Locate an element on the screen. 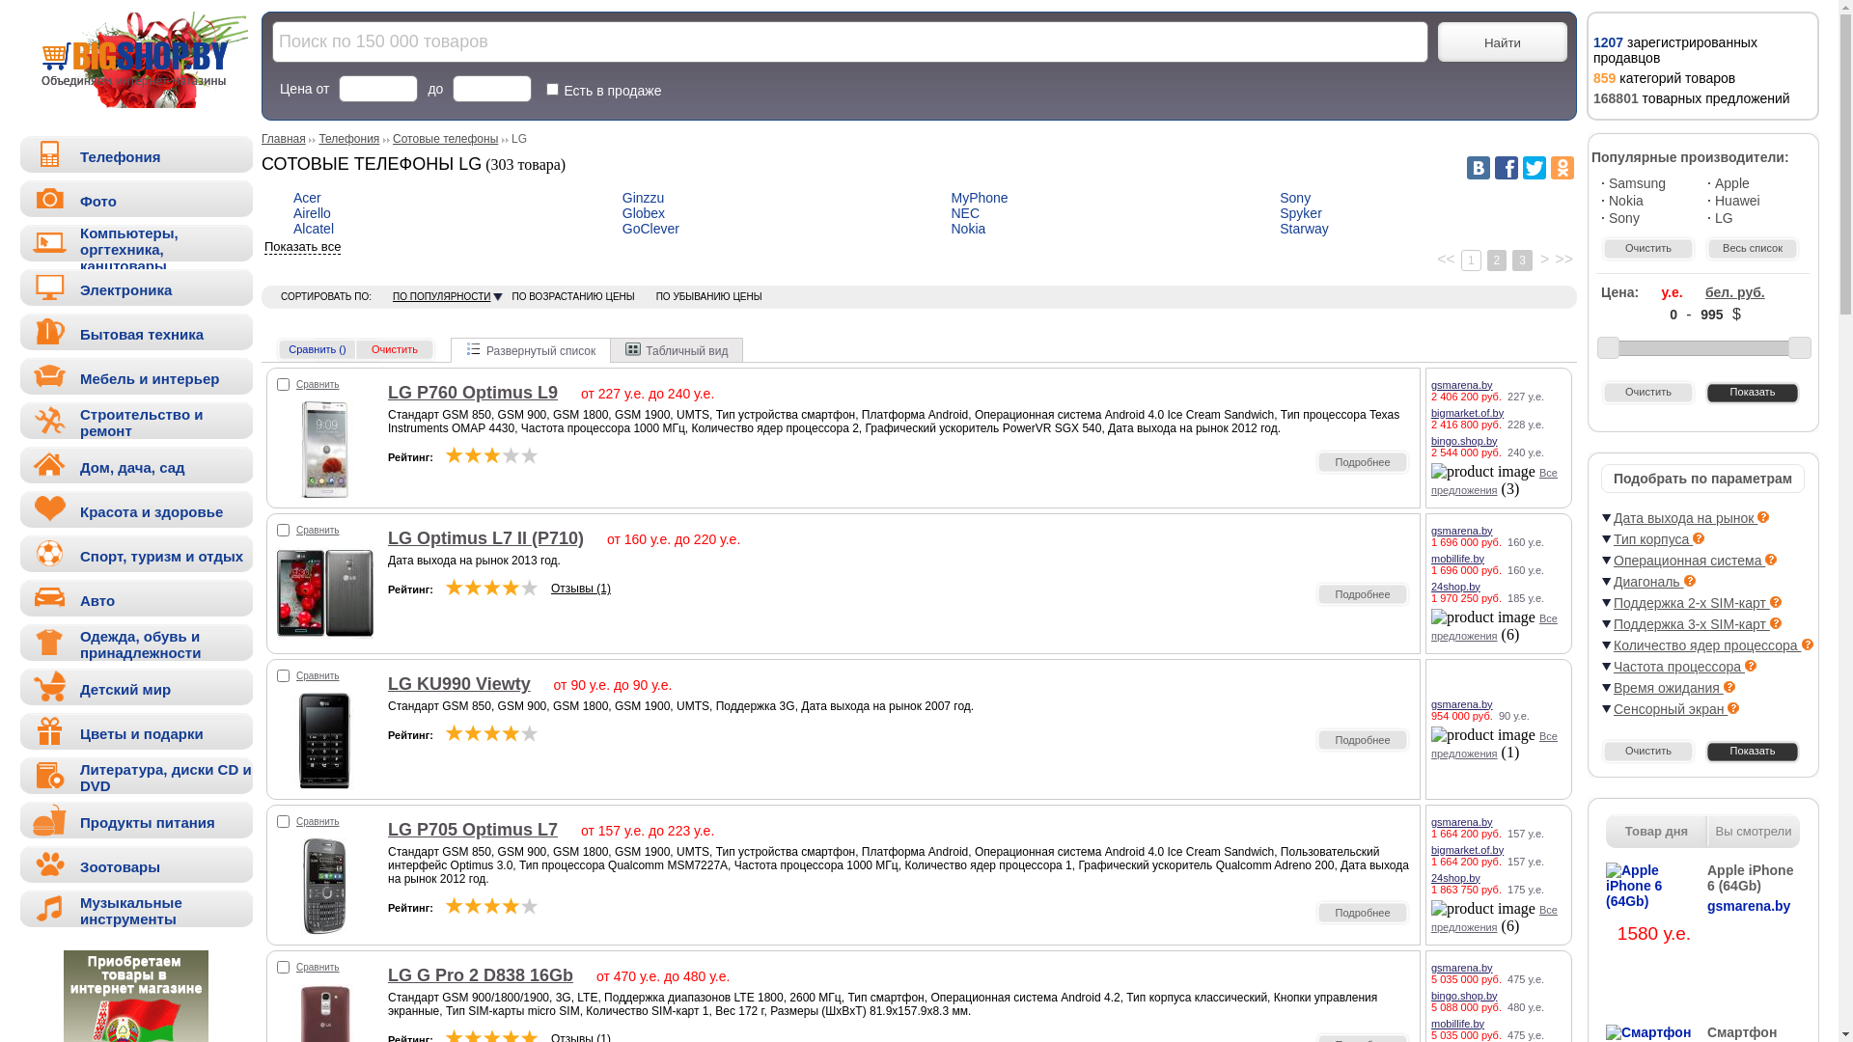 The height and width of the screenshot is (1042, 1853). 'Facebook' is located at coordinates (1494, 166).